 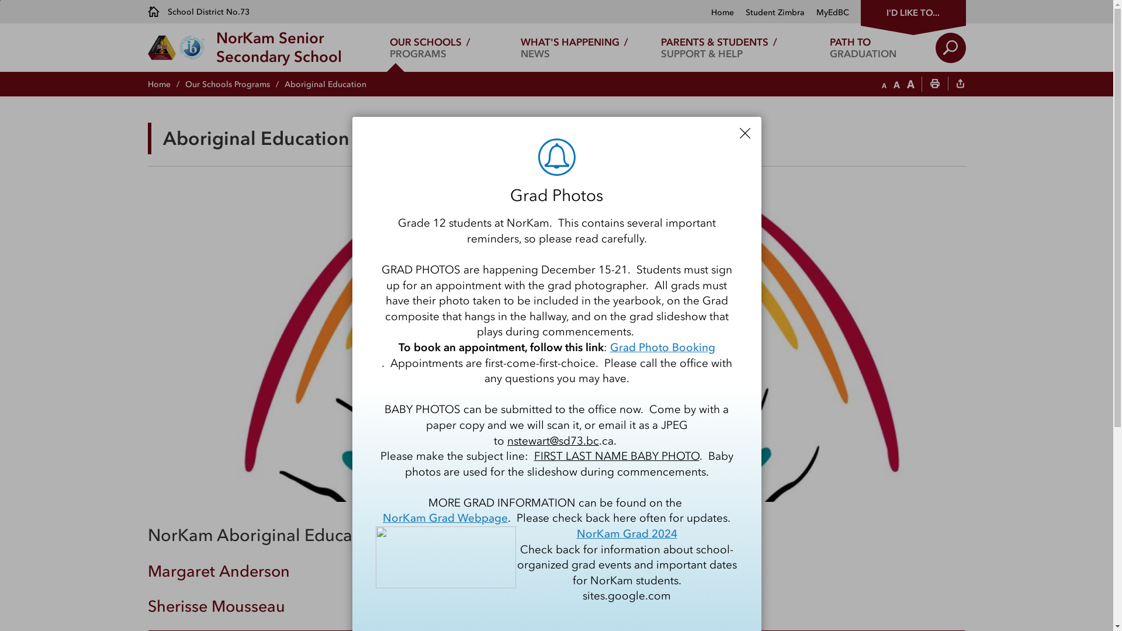 What do you see at coordinates (181, 47) in the screenshot?
I see `'Click to return to the homepage'` at bounding box center [181, 47].